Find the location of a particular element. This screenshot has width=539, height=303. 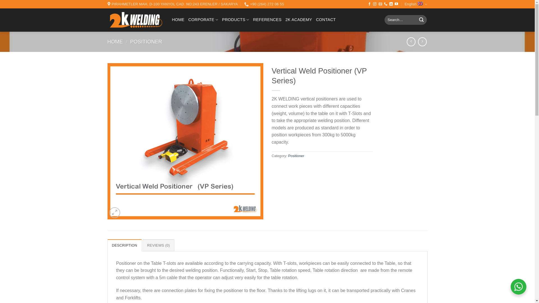

'Positioner' is located at coordinates (296, 156).